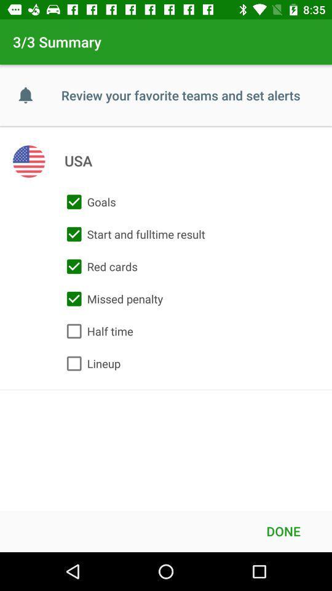 This screenshot has width=332, height=591. What do you see at coordinates (283, 530) in the screenshot?
I see `done icon` at bounding box center [283, 530].